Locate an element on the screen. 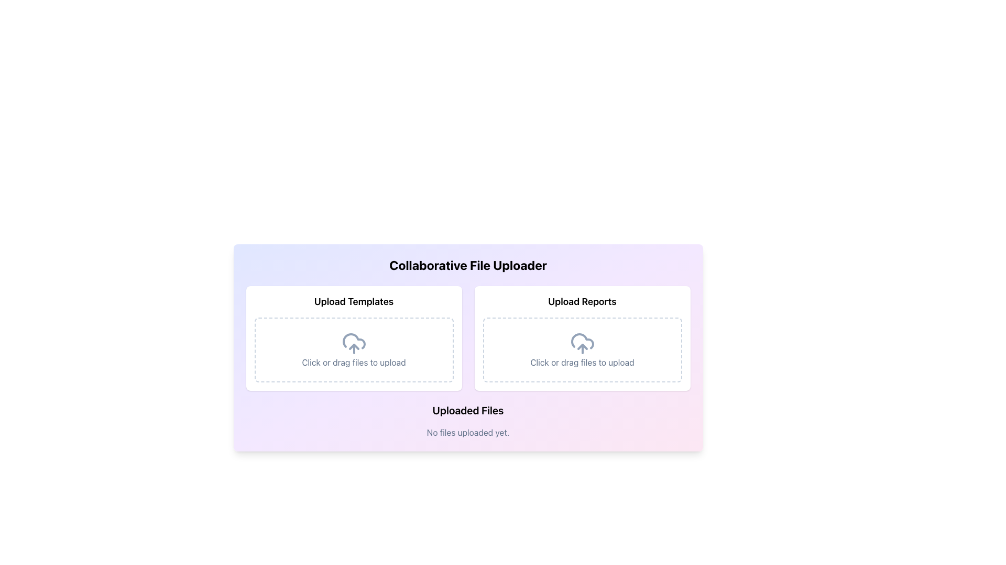 Image resolution: width=1006 pixels, height=565 pixels. the Decorative upload icon located in the 'Upload Reports' section above the text 'Click or drag files to upload' is located at coordinates (582, 343).